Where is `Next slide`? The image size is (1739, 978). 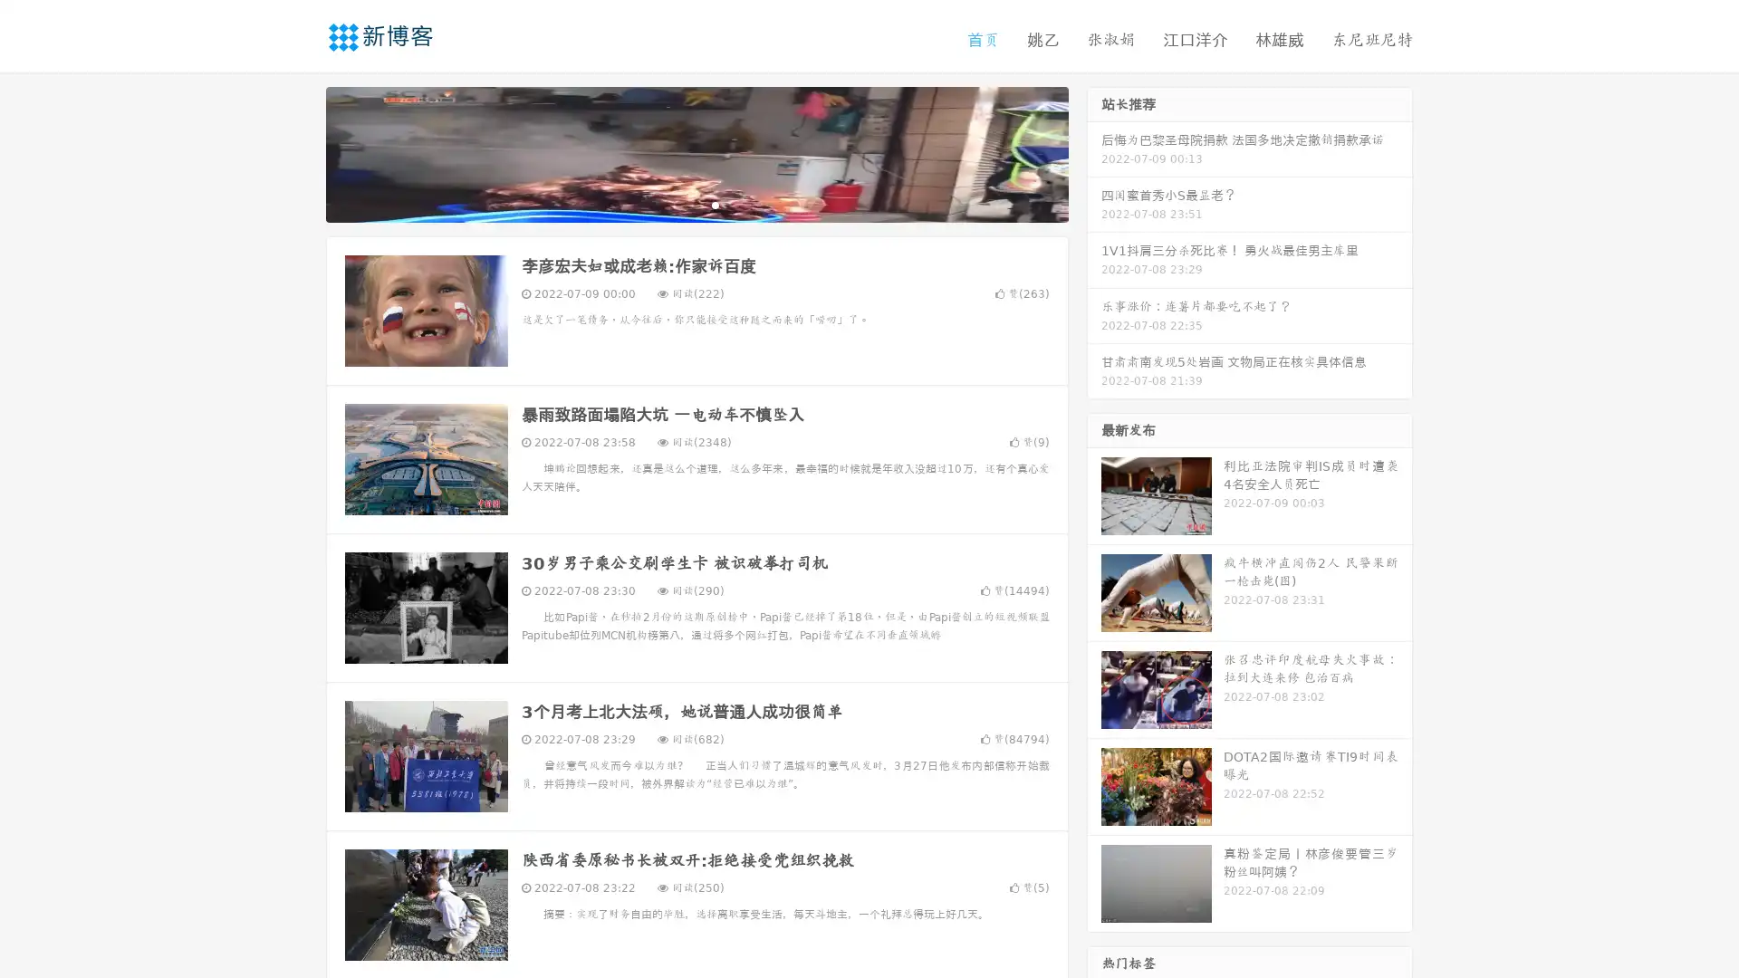 Next slide is located at coordinates (1094, 152).